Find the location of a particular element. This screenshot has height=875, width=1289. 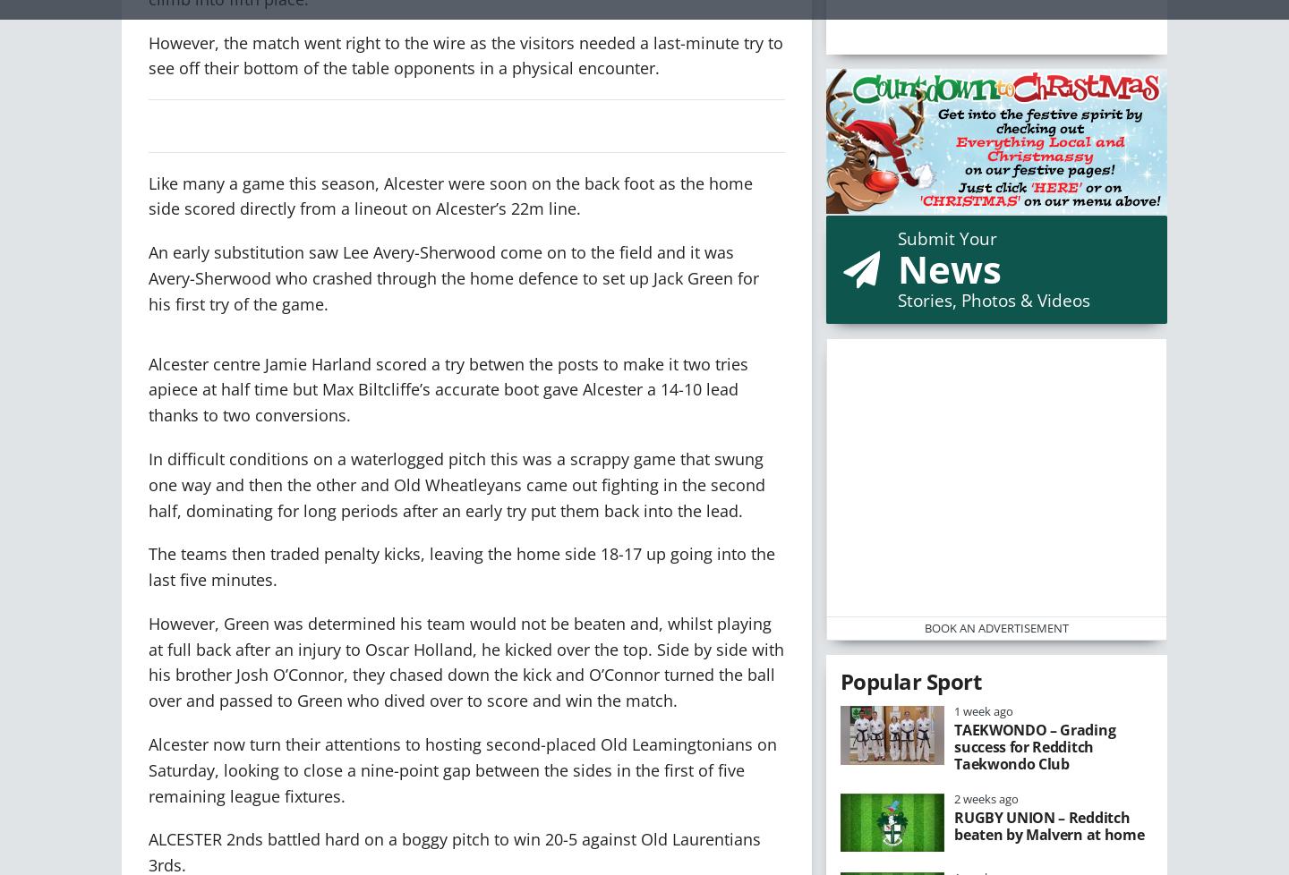

'1 week ago' is located at coordinates (983, 710).